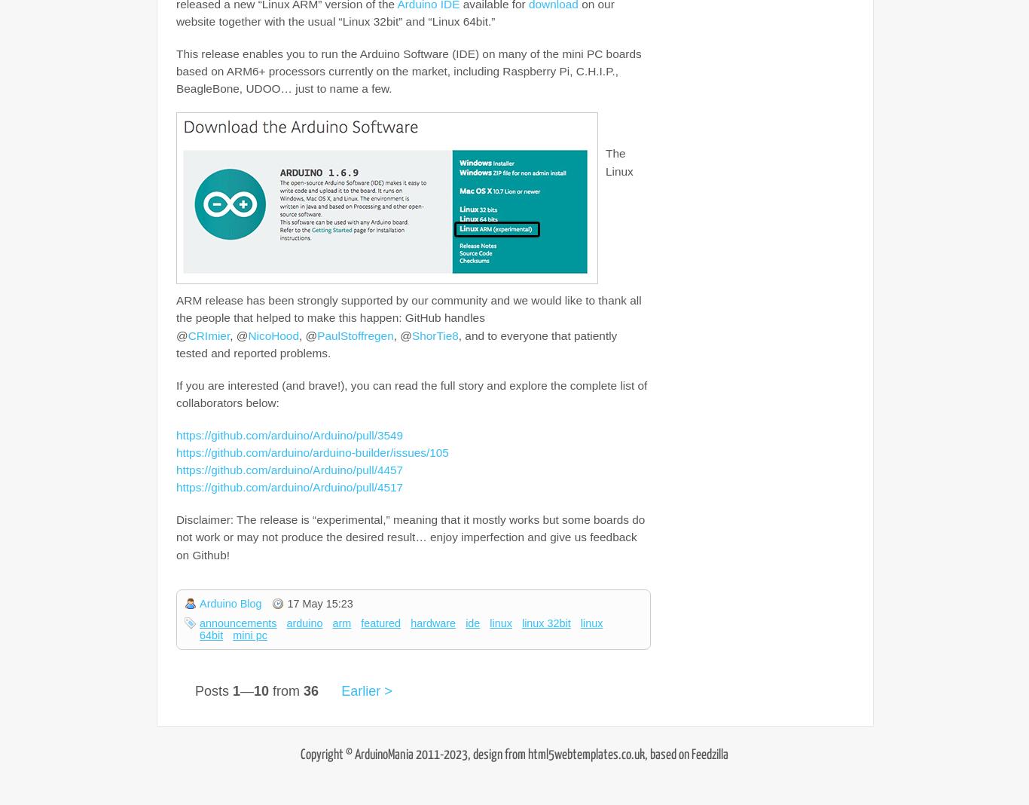 This screenshot has height=805, width=1029. Describe the element at coordinates (432, 622) in the screenshot. I see `'hardware'` at that location.